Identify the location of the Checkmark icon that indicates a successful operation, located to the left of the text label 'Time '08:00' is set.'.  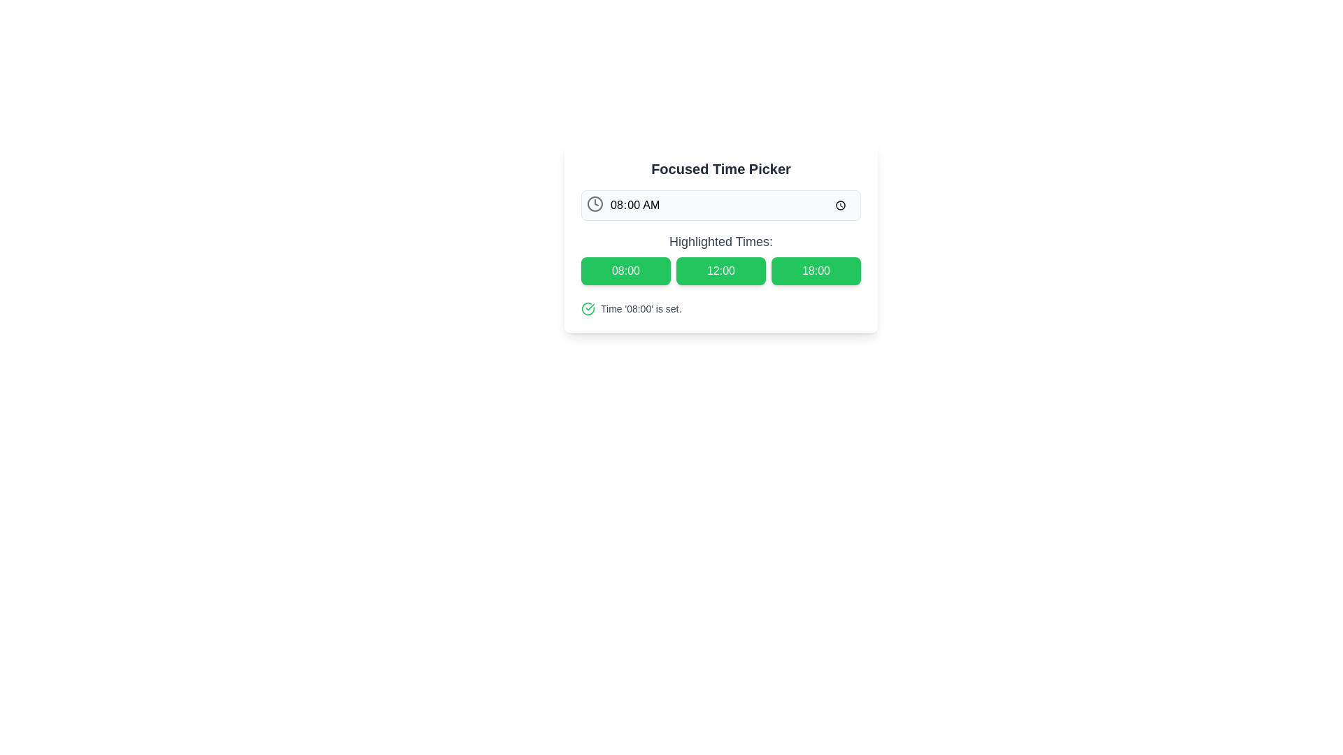
(588, 308).